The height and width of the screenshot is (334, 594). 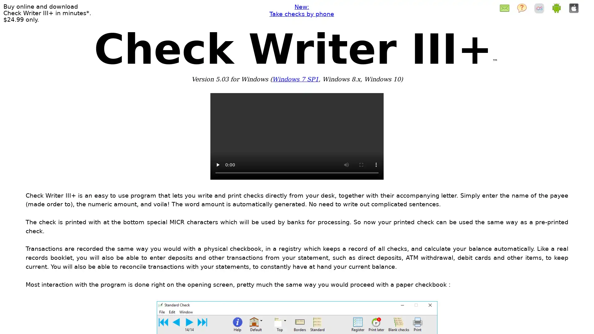 I want to click on play, so click(x=218, y=164).